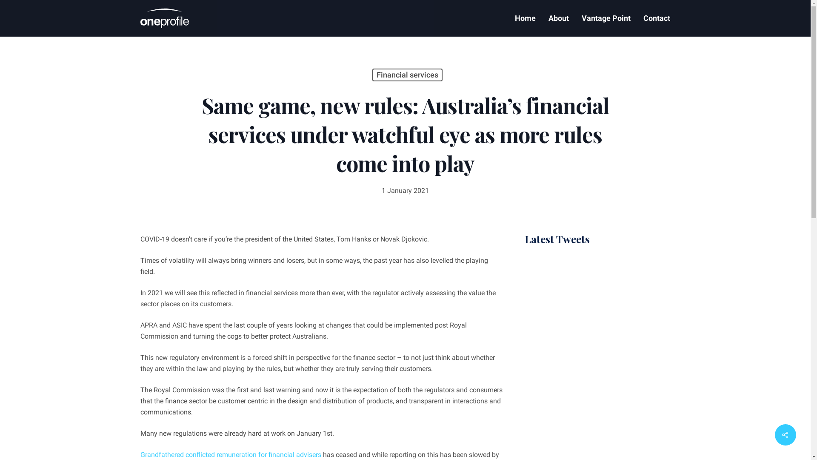  I want to click on 'Grandfathered conflicted remuneration for financial advisers', so click(231, 454).